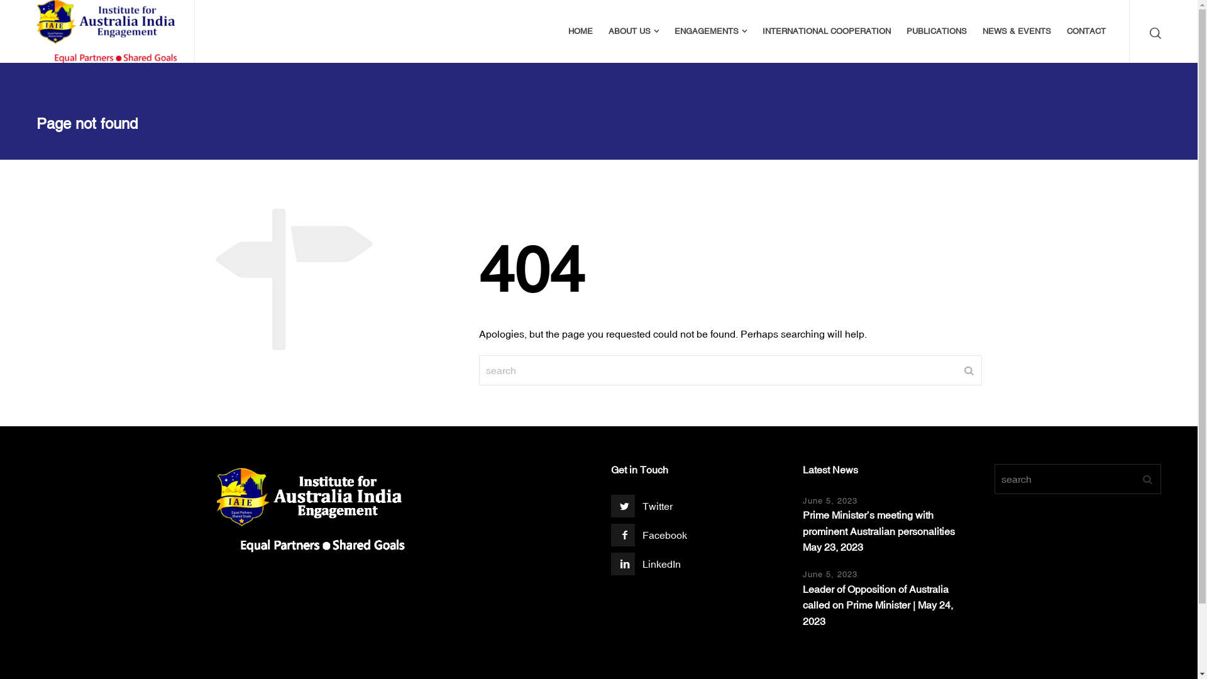 The image size is (1207, 679). What do you see at coordinates (580, 31) in the screenshot?
I see `'HOME'` at bounding box center [580, 31].